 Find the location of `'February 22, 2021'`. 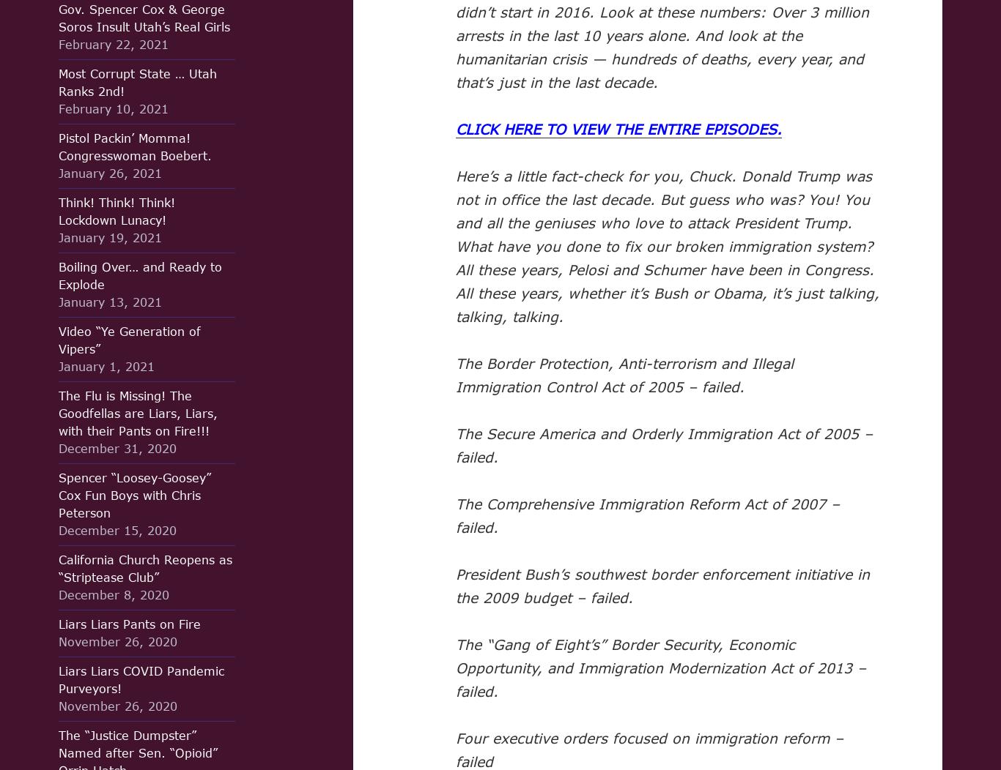

'February 22, 2021' is located at coordinates (113, 43).